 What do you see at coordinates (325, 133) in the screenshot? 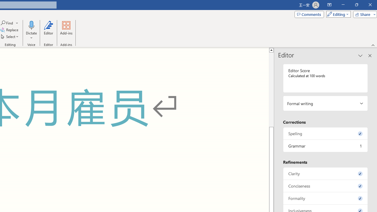
I see `'Spelling, 0 issues. Press space or enter to review items.'` at bounding box center [325, 133].